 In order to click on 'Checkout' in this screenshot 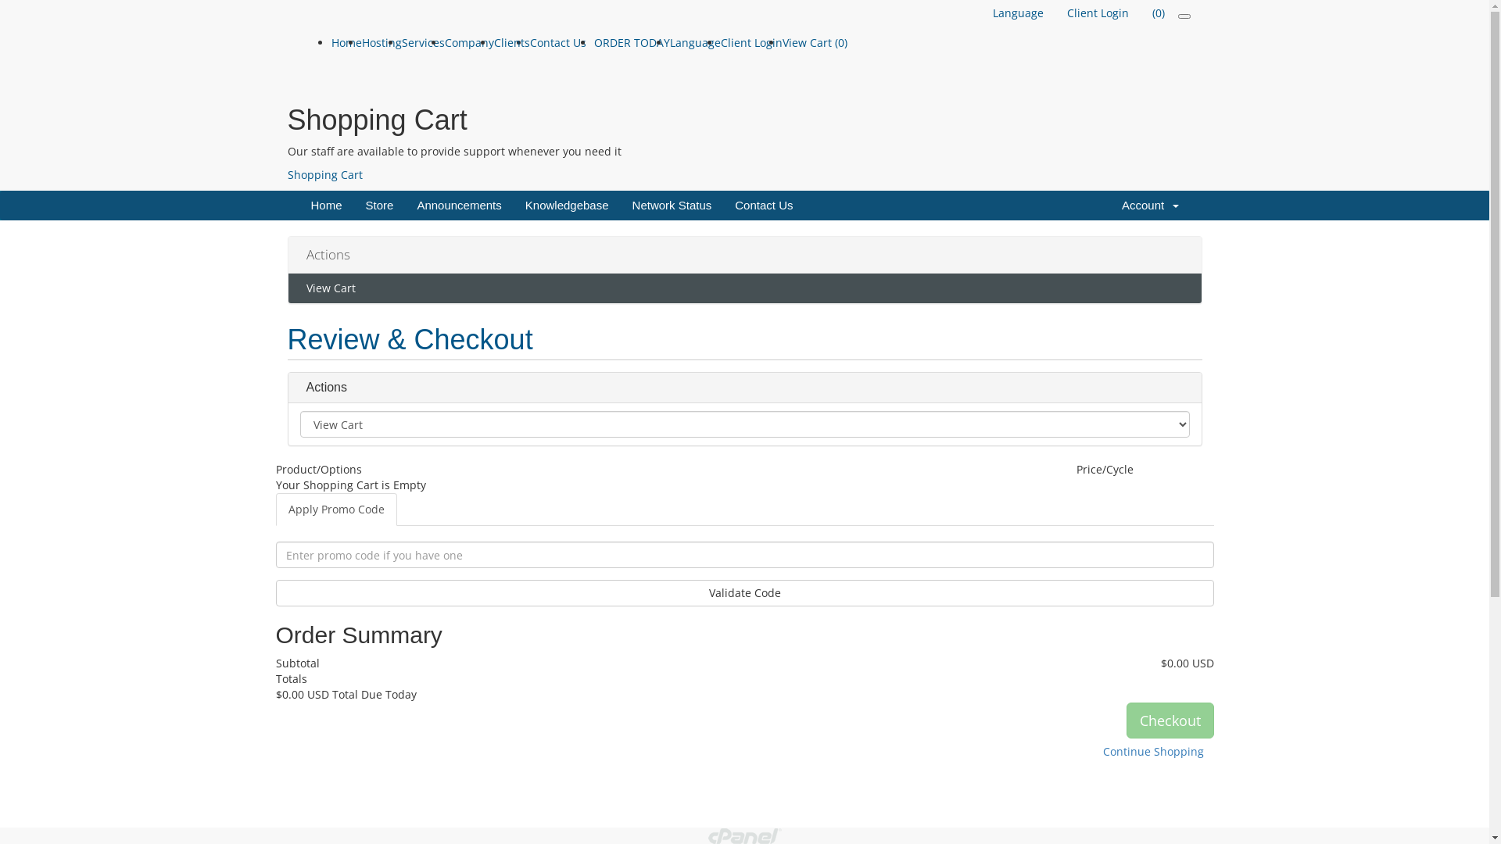, I will do `click(1170, 720)`.